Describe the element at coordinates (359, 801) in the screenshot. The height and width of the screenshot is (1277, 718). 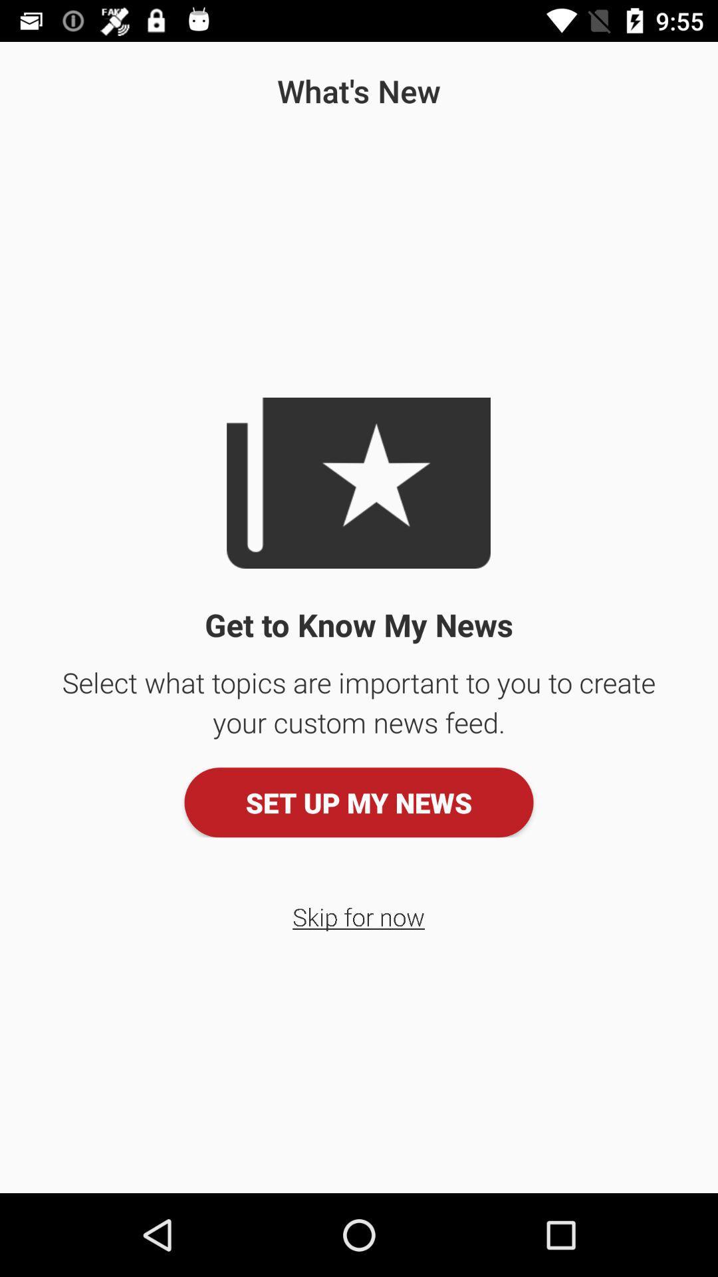
I see `set up my button` at that location.